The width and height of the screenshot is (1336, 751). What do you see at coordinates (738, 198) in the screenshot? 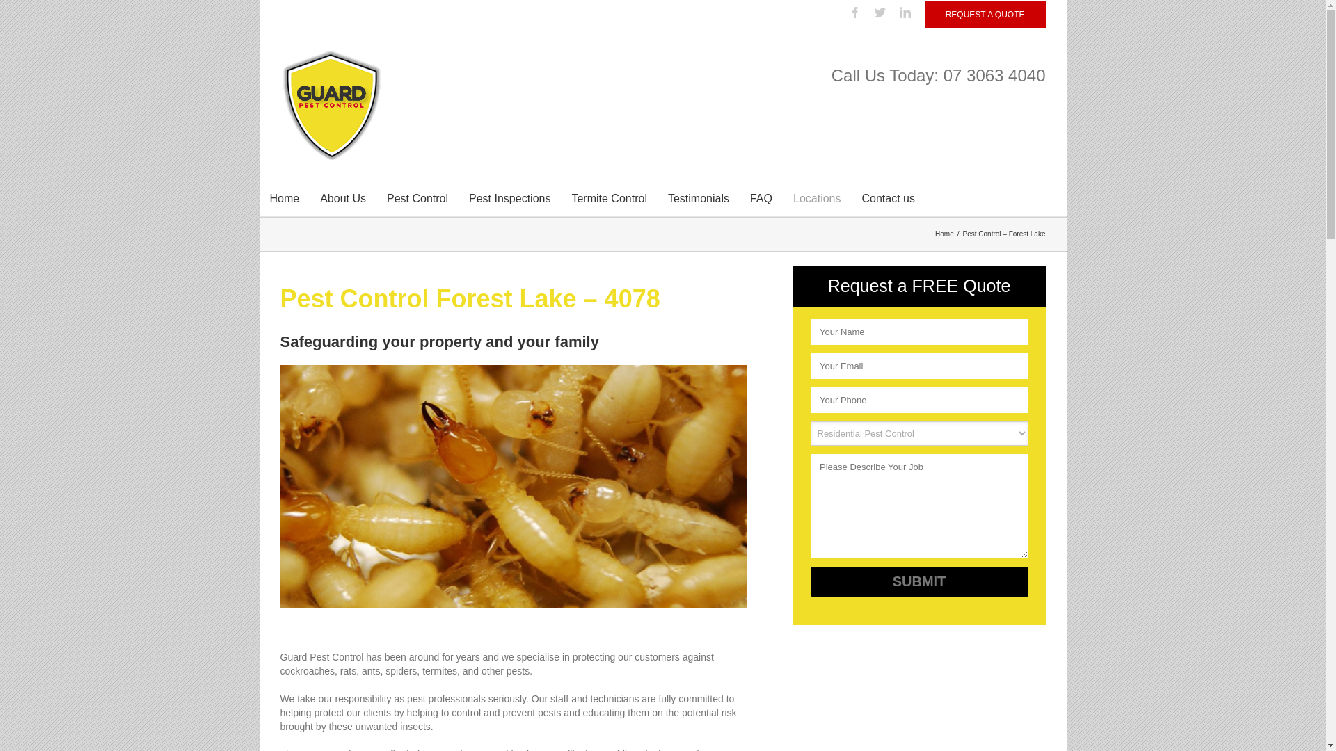
I see `'FAQ'` at bounding box center [738, 198].